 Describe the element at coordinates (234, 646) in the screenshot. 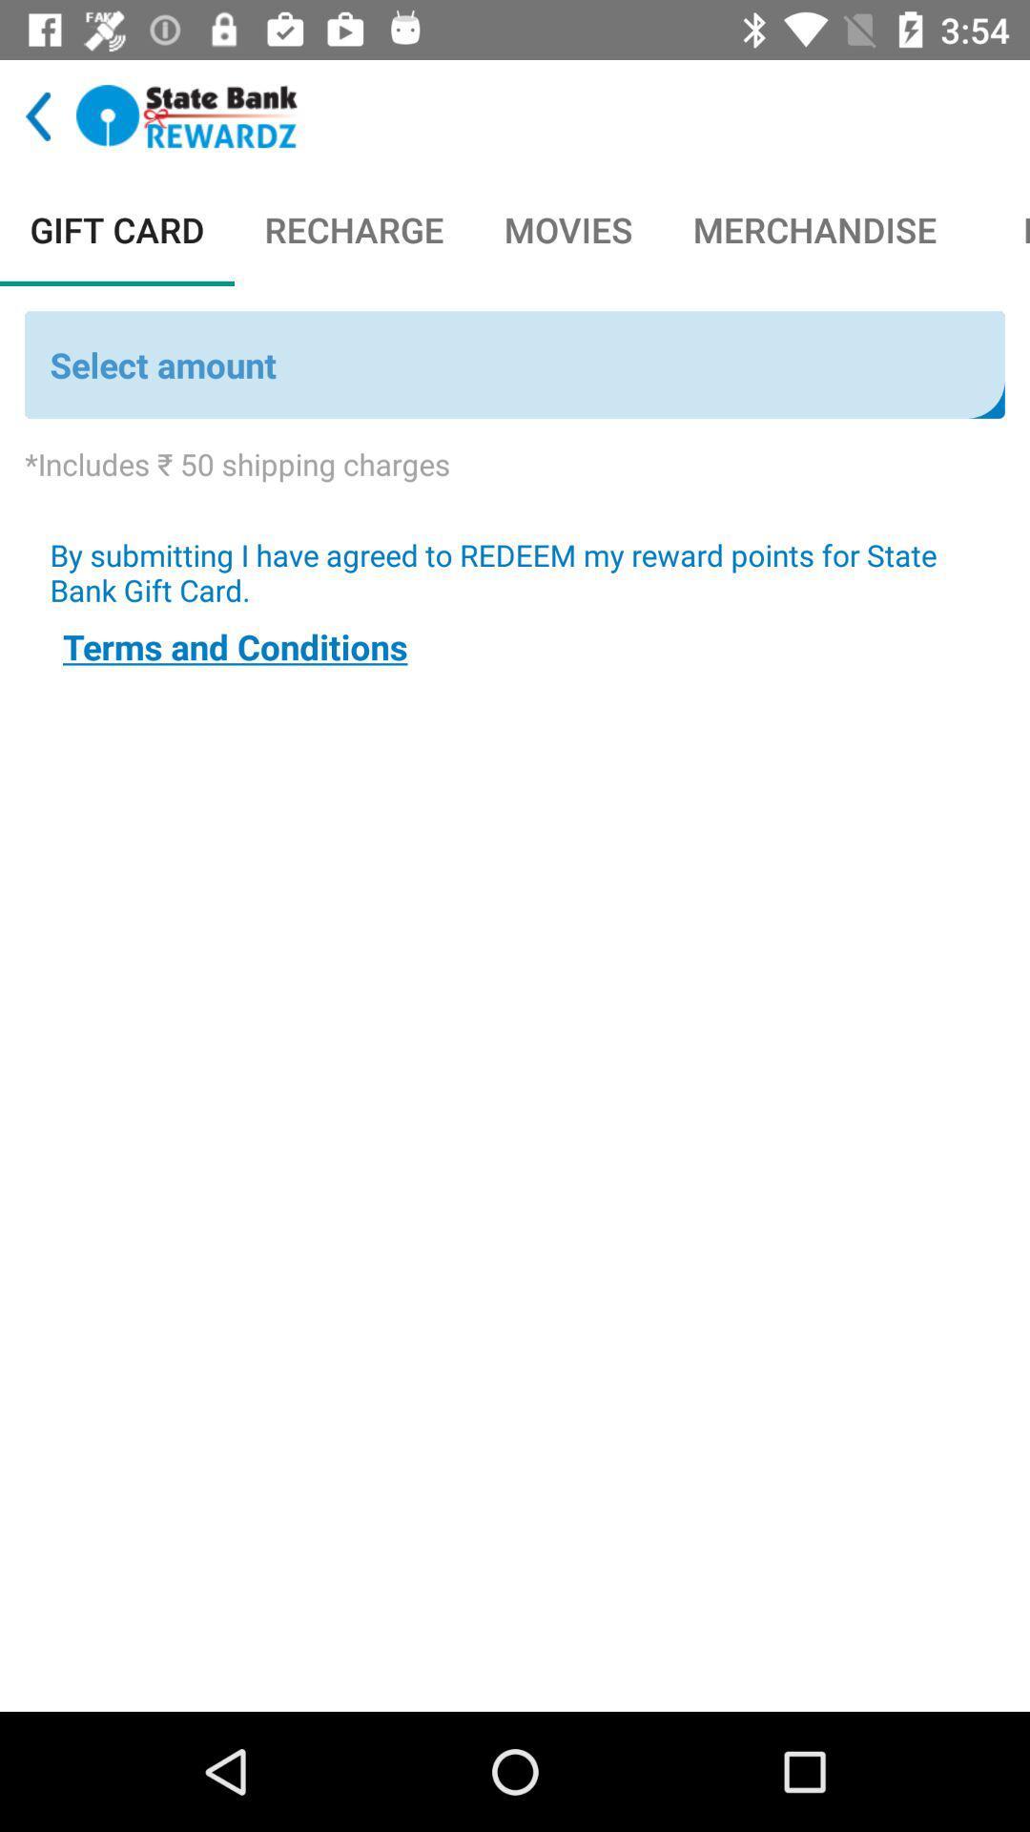

I see `the terms and conditions app` at that location.